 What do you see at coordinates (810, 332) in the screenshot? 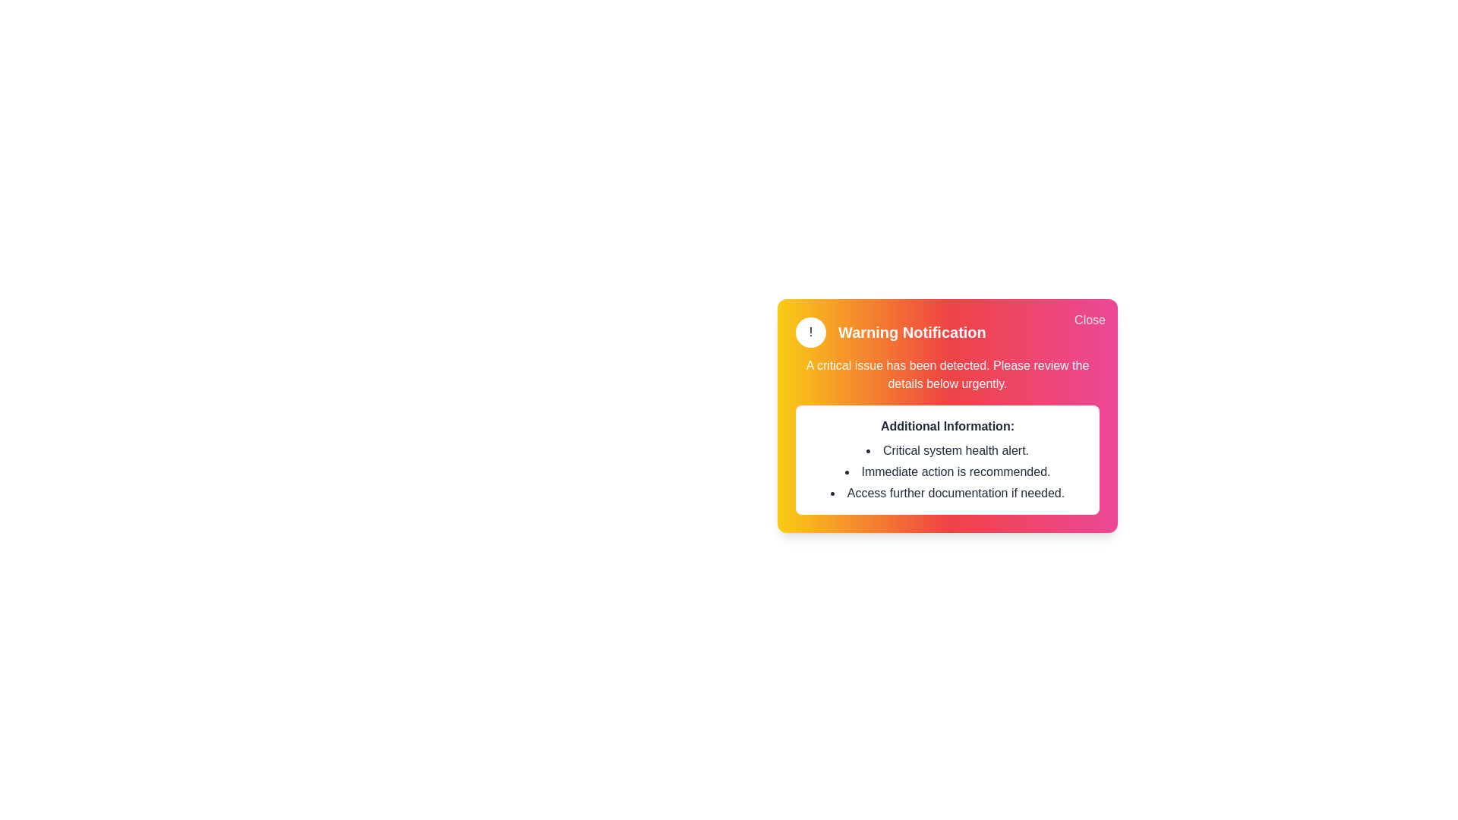
I see `the rounded icon to inspect its visual design` at bounding box center [810, 332].